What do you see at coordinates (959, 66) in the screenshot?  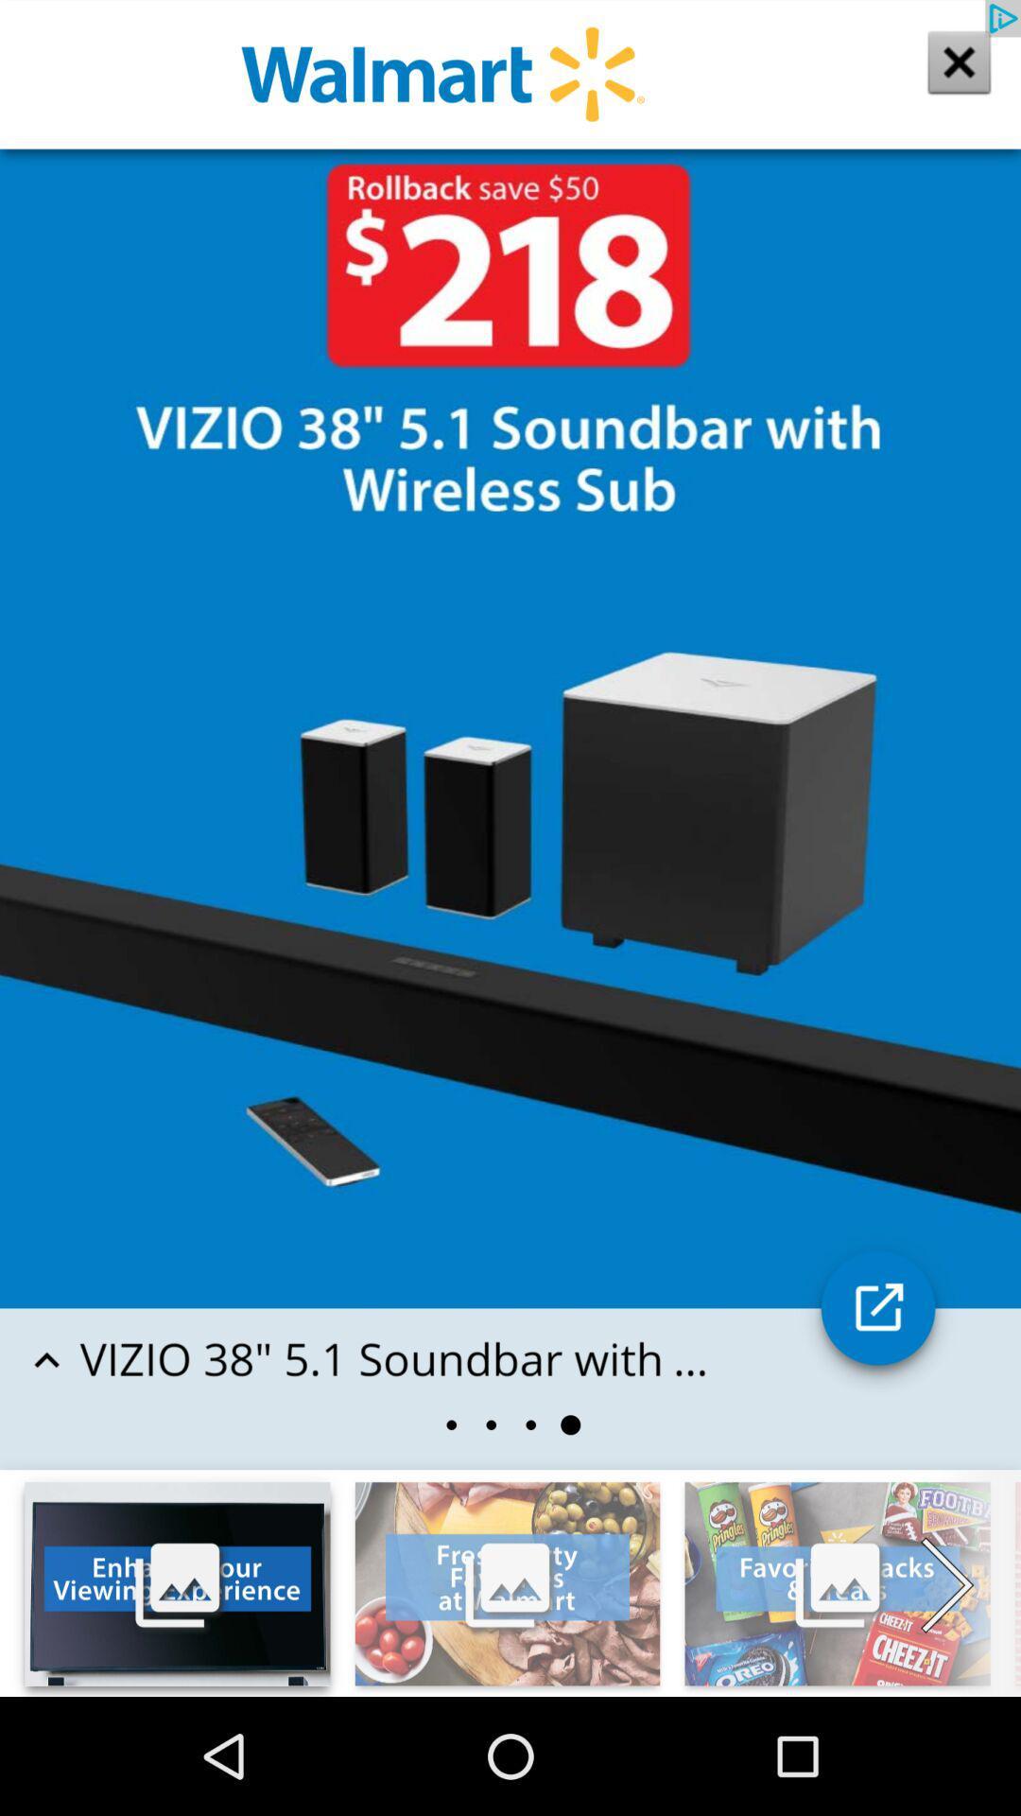 I see `the close icon` at bounding box center [959, 66].